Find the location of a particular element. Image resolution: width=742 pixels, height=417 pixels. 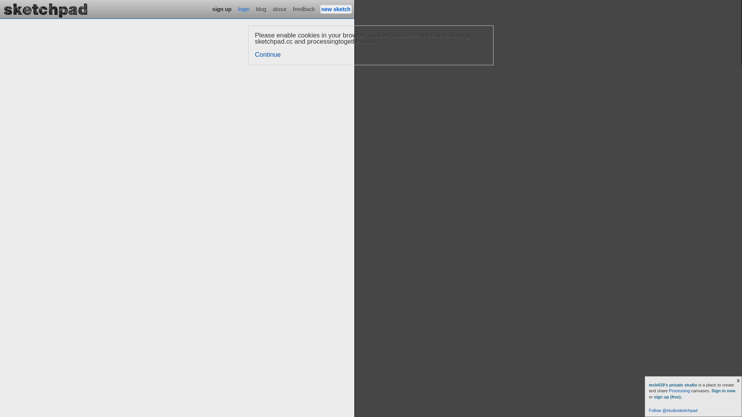

'Processing' is located at coordinates (679, 390).